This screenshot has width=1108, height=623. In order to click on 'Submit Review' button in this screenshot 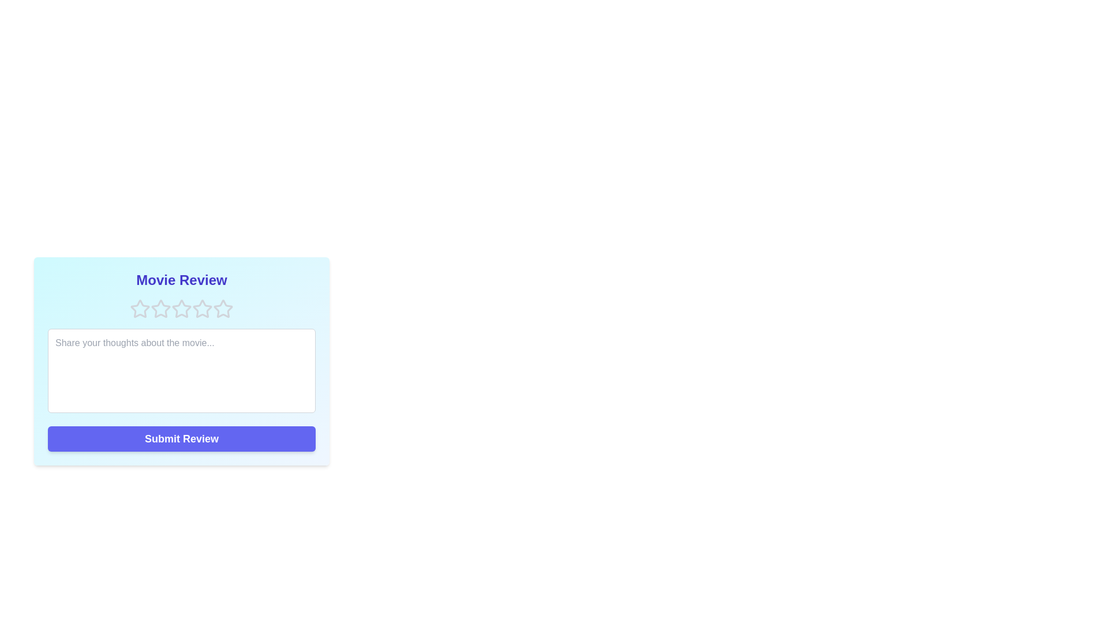, I will do `click(181, 438)`.